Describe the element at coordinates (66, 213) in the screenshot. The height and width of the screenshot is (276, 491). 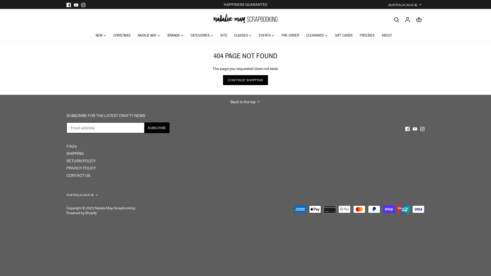
I see `'Powered by Shopify'` at that location.